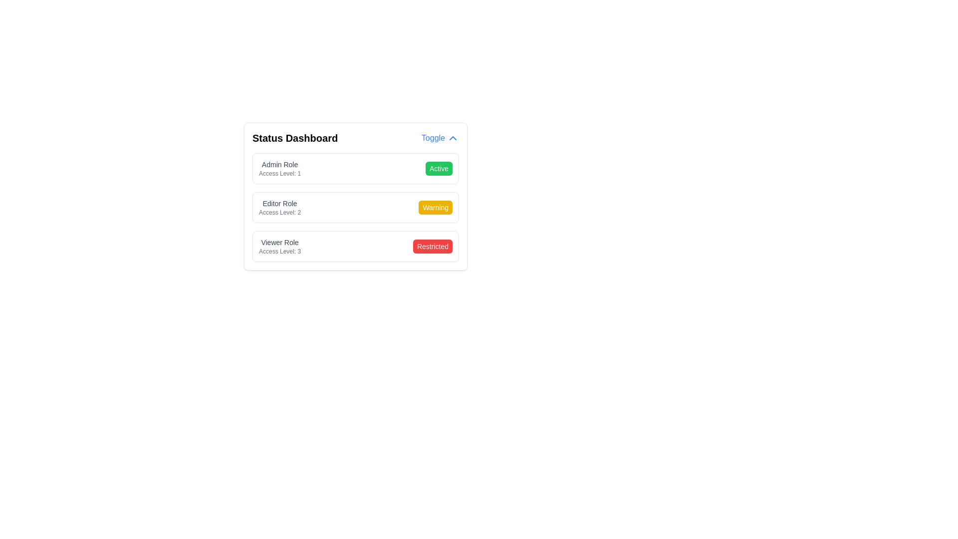 This screenshot has width=958, height=539. I want to click on the static text label 'Viewer Role' in the third information card of the 'Status Dashboard' section, which is styled in gray and positioned above 'Access Level: 3', so click(279, 243).